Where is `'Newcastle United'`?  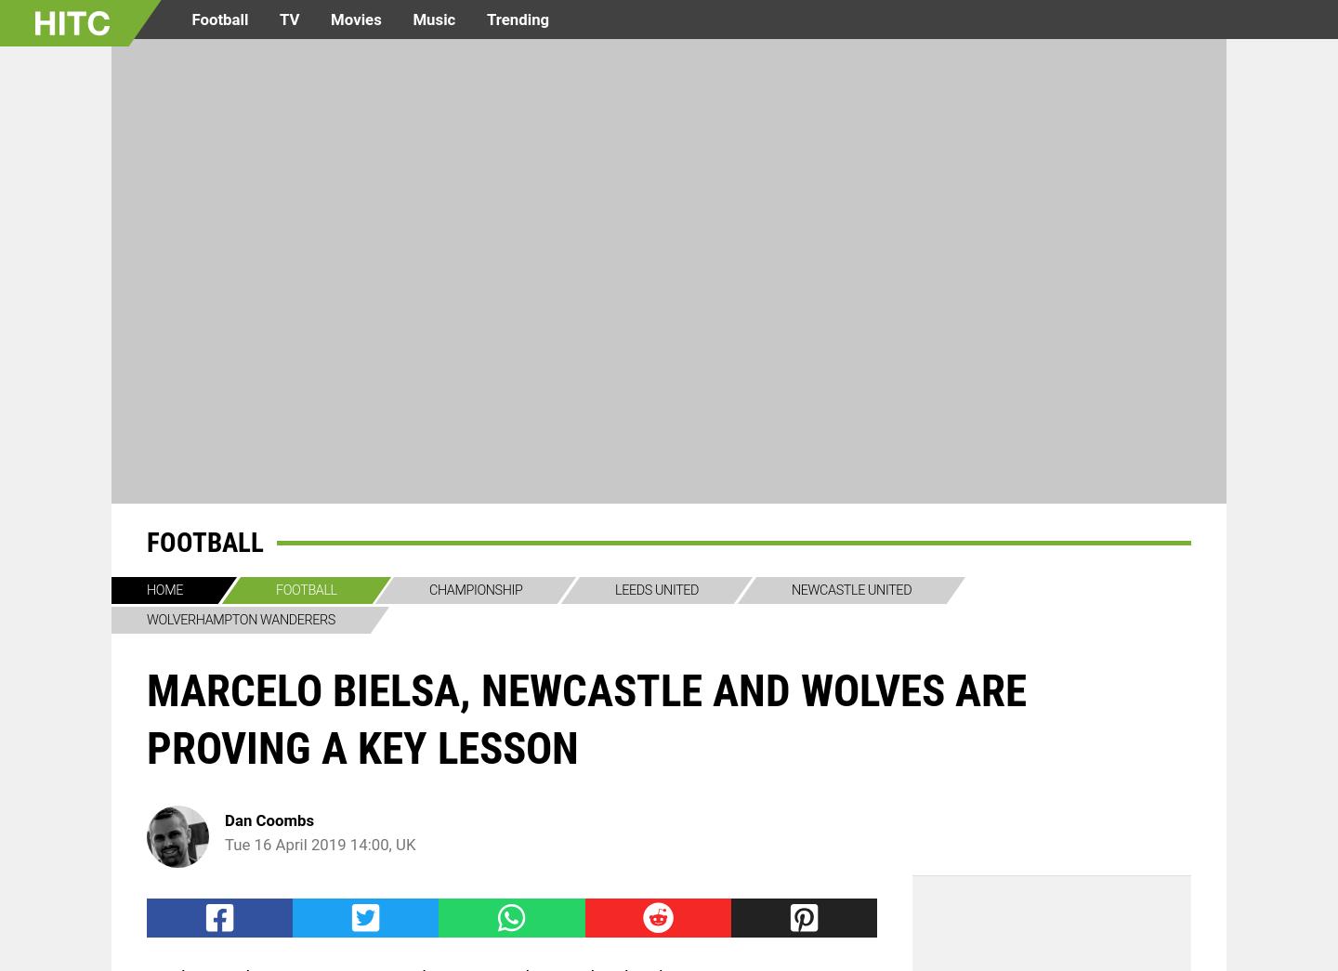 'Newcastle United' is located at coordinates (850, 589).